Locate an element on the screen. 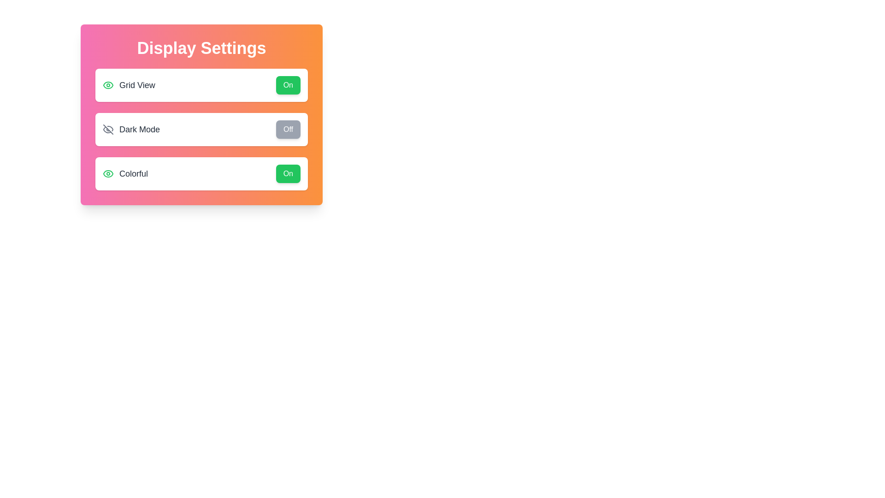  the 'Off' button for 'Dark Mode' to toggle it to 'On' is located at coordinates (287, 130).